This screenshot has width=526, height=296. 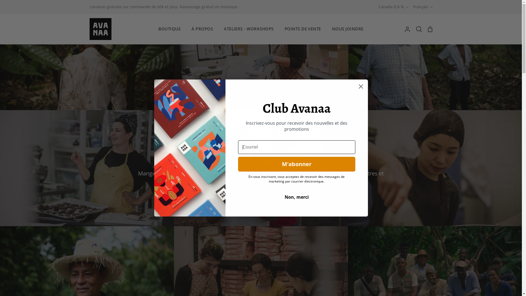 I want to click on 'BOUTIQUE', so click(x=153, y=29).